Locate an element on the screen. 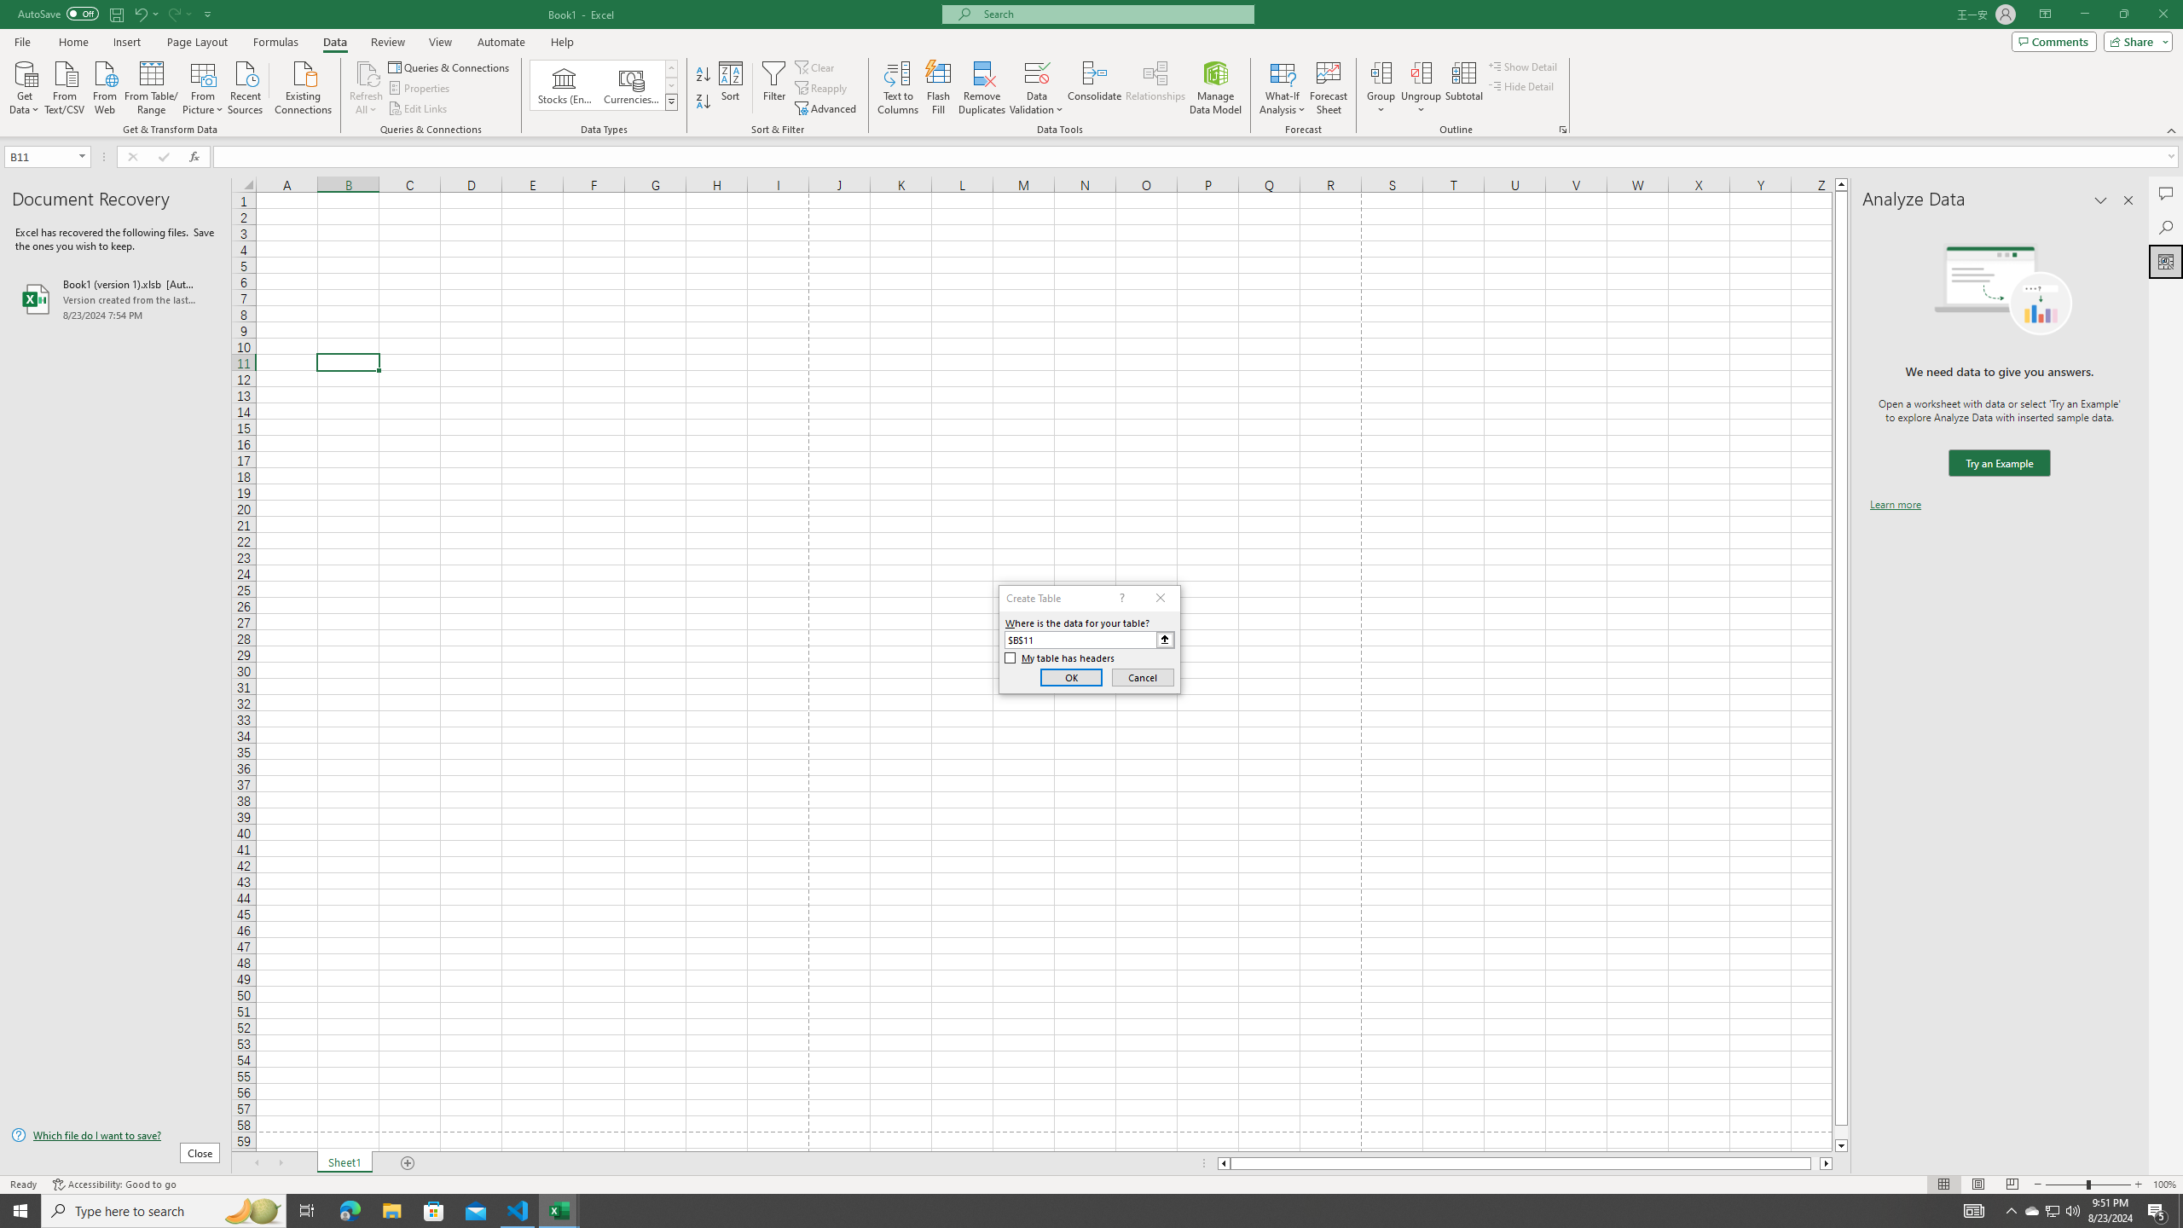 The height and width of the screenshot is (1228, 2183). 'Existing Connections' is located at coordinates (302, 85).